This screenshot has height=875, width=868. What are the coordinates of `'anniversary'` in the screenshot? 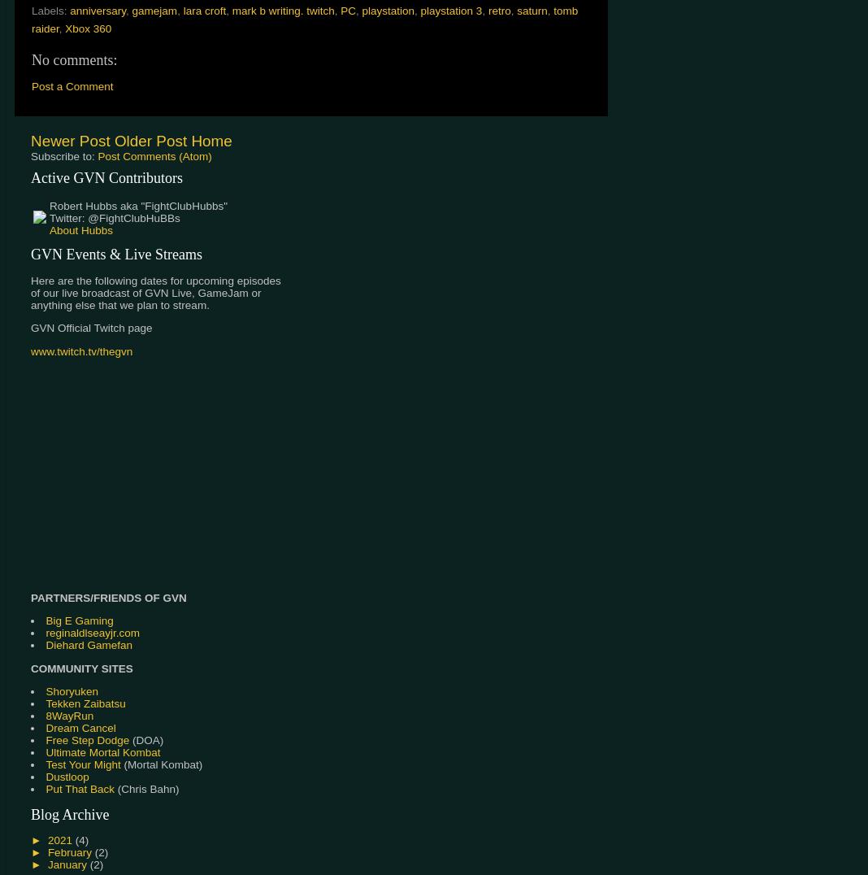 It's located at (97, 10).